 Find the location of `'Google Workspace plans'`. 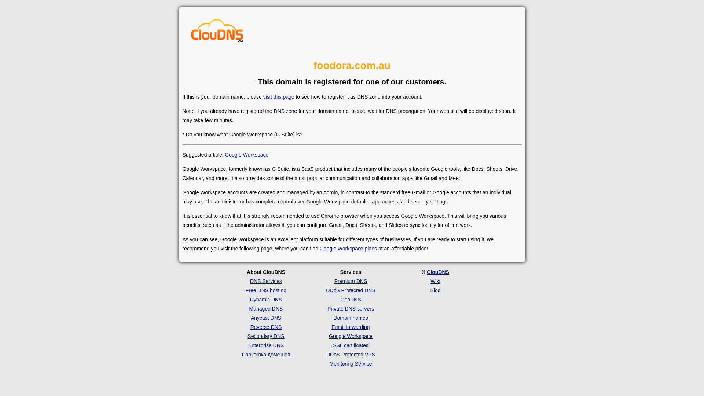

'Google Workspace plans' is located at coordinates (320, 248).